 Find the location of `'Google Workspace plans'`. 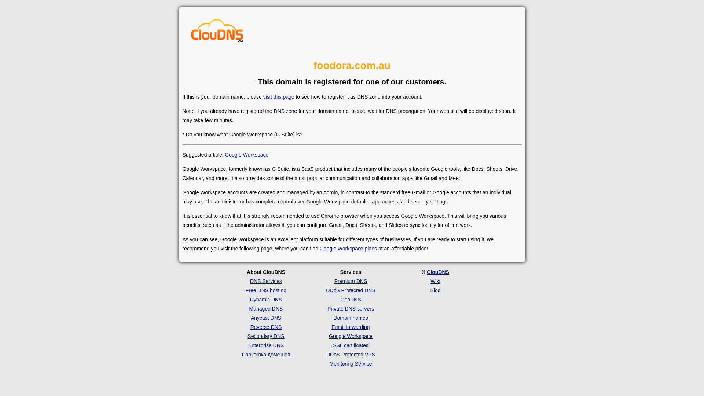

'Google Workspace plans' is located at coordinates (320, 248).